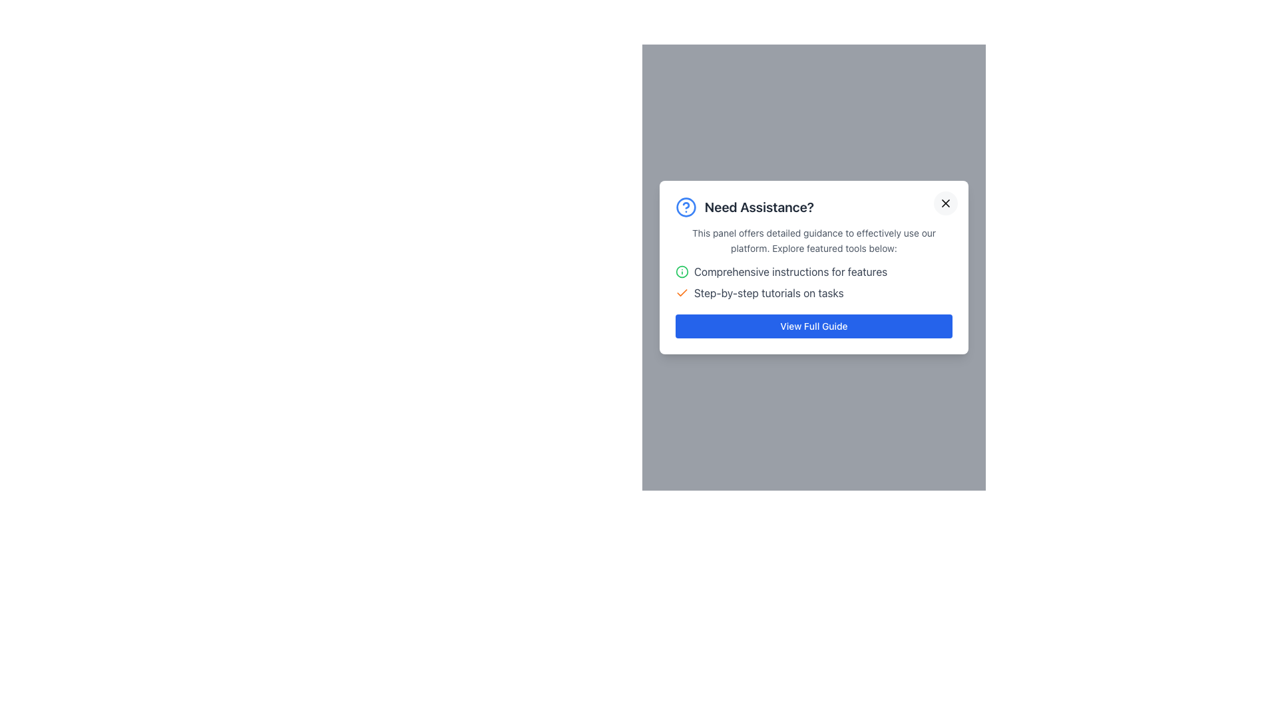 The height and width of the screenshot is (718, 1278). What do you see at coordinates (813, 293) in the screenshot?
I see `the text label that reads 'Step-by-step tutorials on tasks', which is styled with a gray font color and has an orange checkmark icon to its left` at bounding box center [813, 293].